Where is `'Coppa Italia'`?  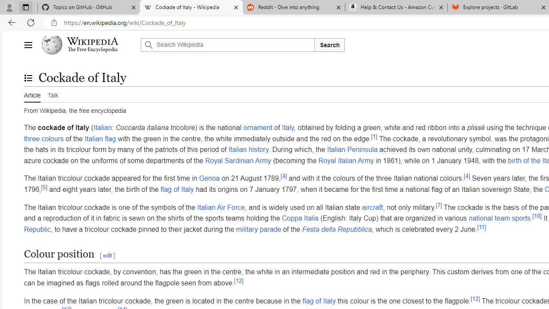
'Coppa Italia' is located at coordinates (300, 218).